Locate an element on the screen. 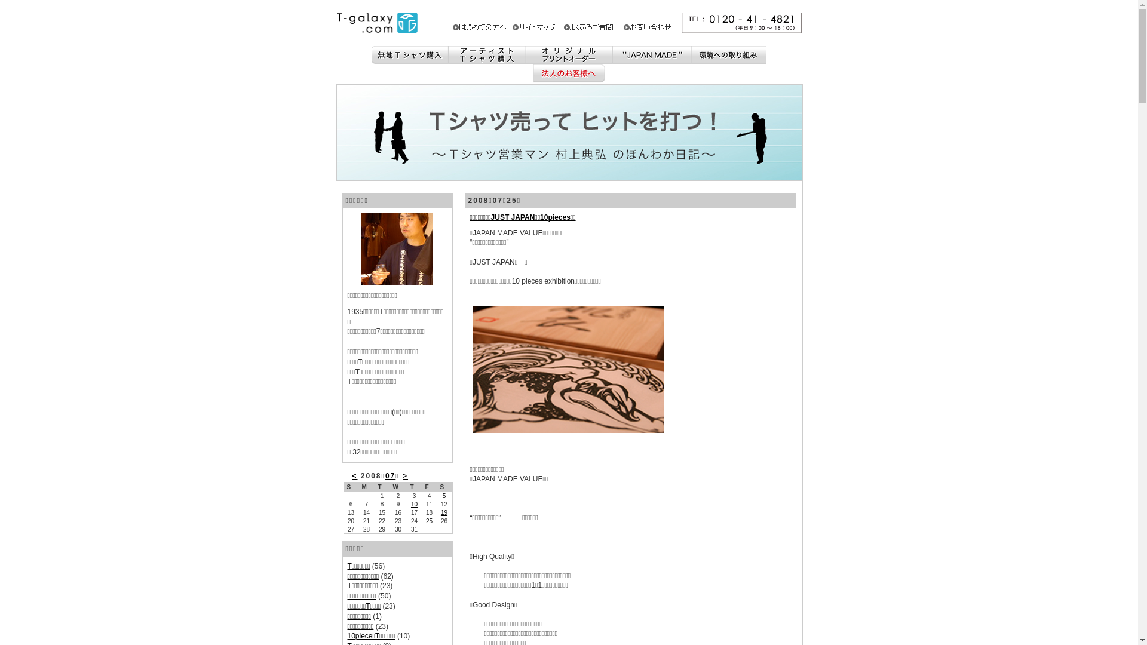 The height and width of the screenshot is (645, 1147). '10' is located at coordinates (414, 504).